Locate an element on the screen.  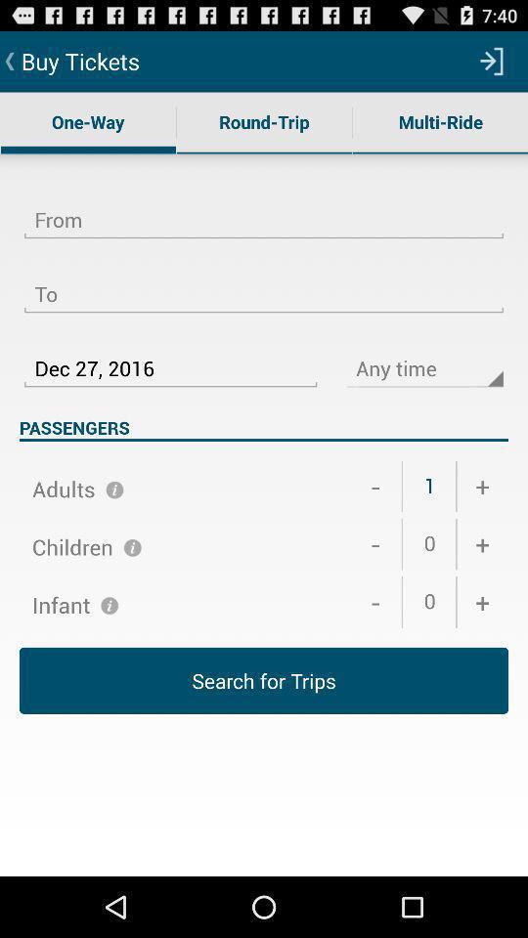
item next to buy tickets app is located at coordinates (491, 61).